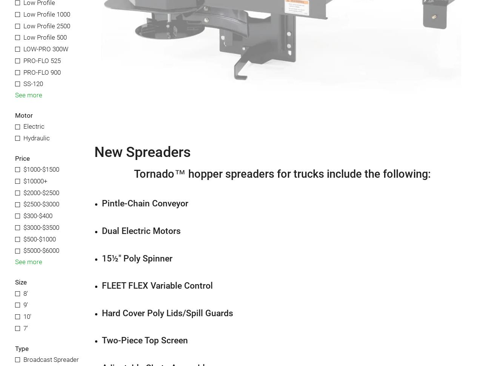  What do you see at coordinates (42, 71) in the screenshot?
I see `'PRO-FLO 900'` at bounding box center [42, 71].